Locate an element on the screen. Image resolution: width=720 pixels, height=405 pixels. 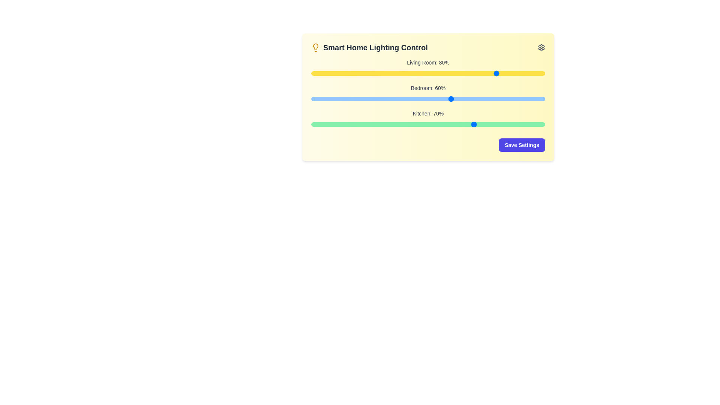
the gray cogwheel located at the top right corner of the 'Smart Home Lighting Control' panel is located at coordinates (541, 47).